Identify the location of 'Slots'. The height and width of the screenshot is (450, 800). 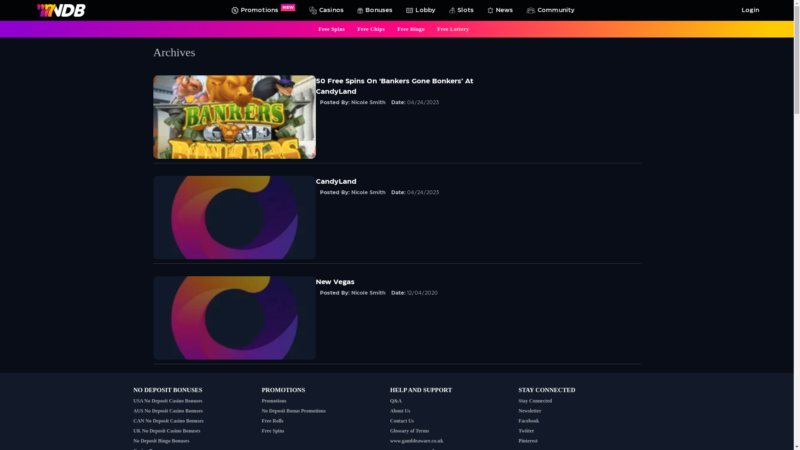
(445, 10).